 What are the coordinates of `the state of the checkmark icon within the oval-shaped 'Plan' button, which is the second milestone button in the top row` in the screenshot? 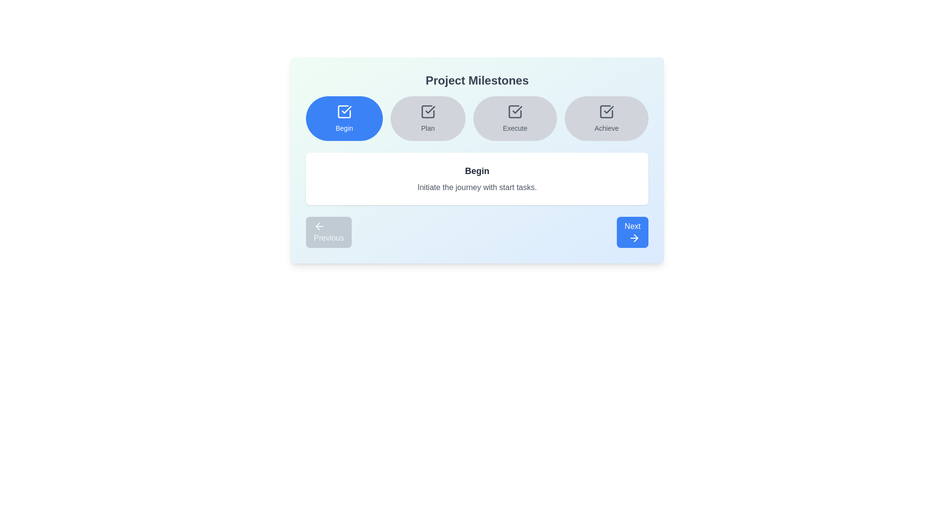 It's located at (430, 109).